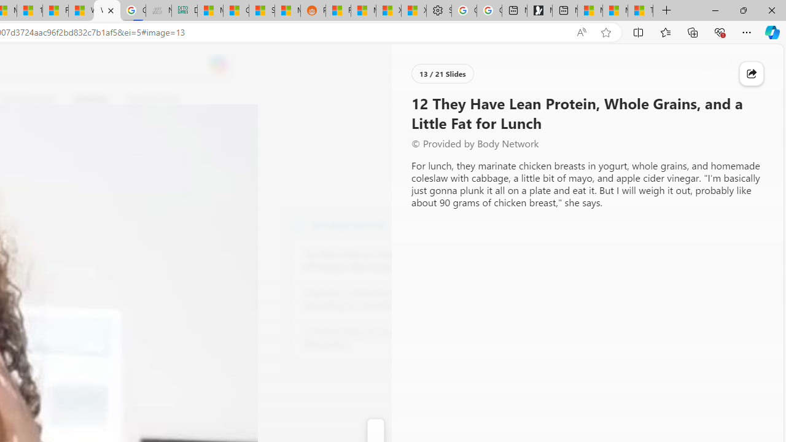  I want to click on 'R******* | Trusted Community Engagement and Contributions', so click(338, 10).